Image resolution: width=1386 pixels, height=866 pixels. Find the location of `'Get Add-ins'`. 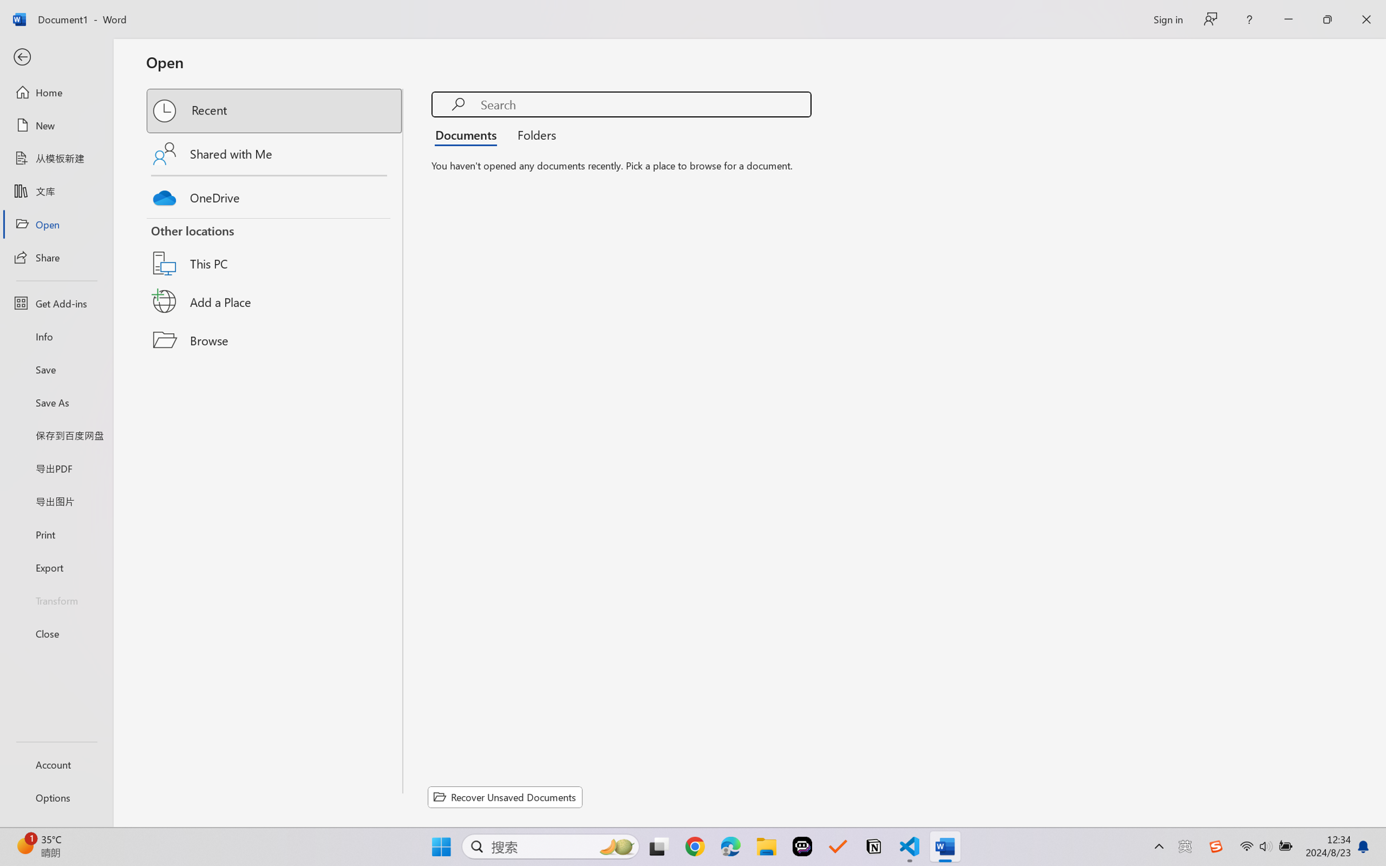

'Get Add-ins' is located at coordinates (56, 302).